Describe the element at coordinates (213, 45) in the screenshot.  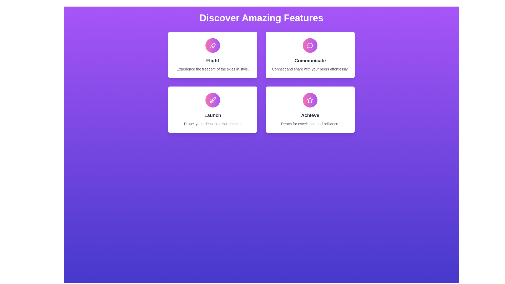
I see `the bird-shaped graphic icon located in the top-left feature card of the layout` at that location.